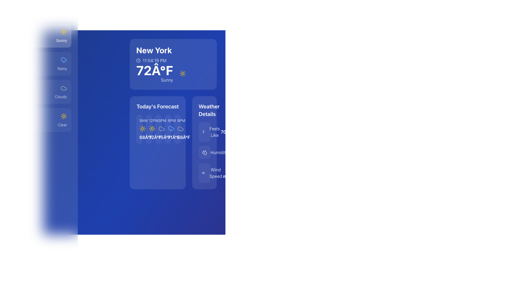 This screenshot has width=519, height=292. What do you see at coordinates (204, 142) in the screenshot?
I see `through the information presented in the 'Weather Details' Information Card, which is a blue card with rounded corners containing weather data such as 'Feels Like 70°F', 'Humidity 65%', and 'Wind Speed 12 mph'` at bounding box center [204, 142].